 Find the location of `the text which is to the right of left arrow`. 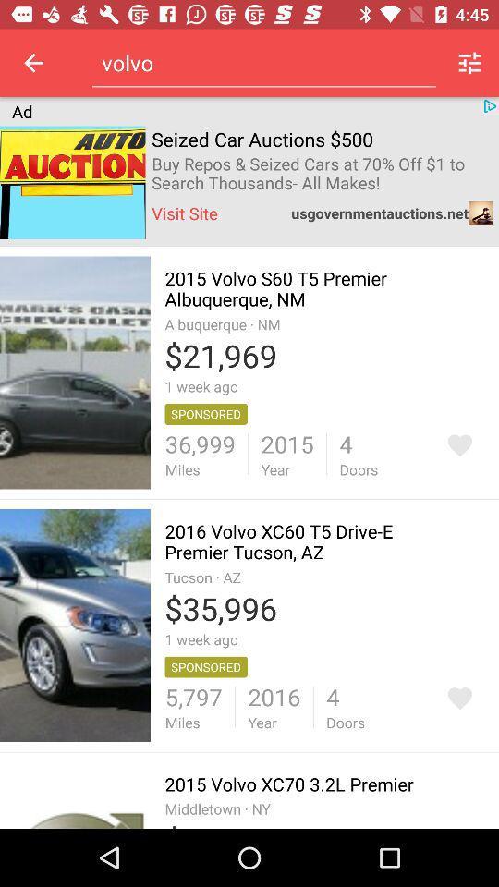

the text which is to the right of left arrow is located at coordinates (262, 63).